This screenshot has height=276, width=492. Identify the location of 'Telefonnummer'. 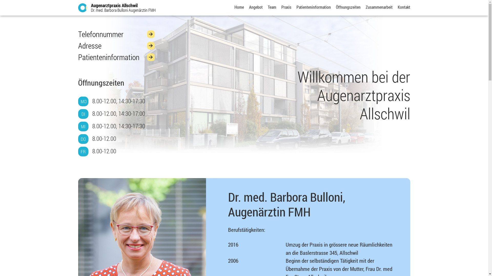
(116, 34).